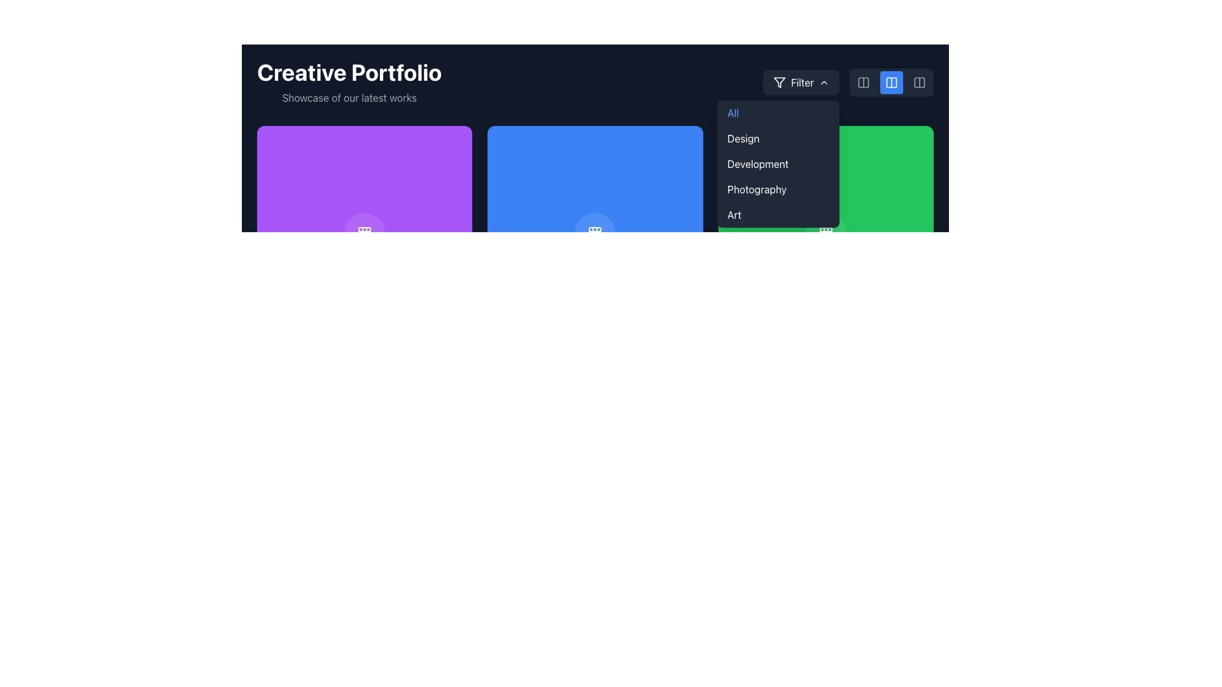 This screenshot has width=1222, height=687. I want to click on the split-view toggle icon button located in the top-right corner of the interface to switch between different layouts or views, so click(864, 83).